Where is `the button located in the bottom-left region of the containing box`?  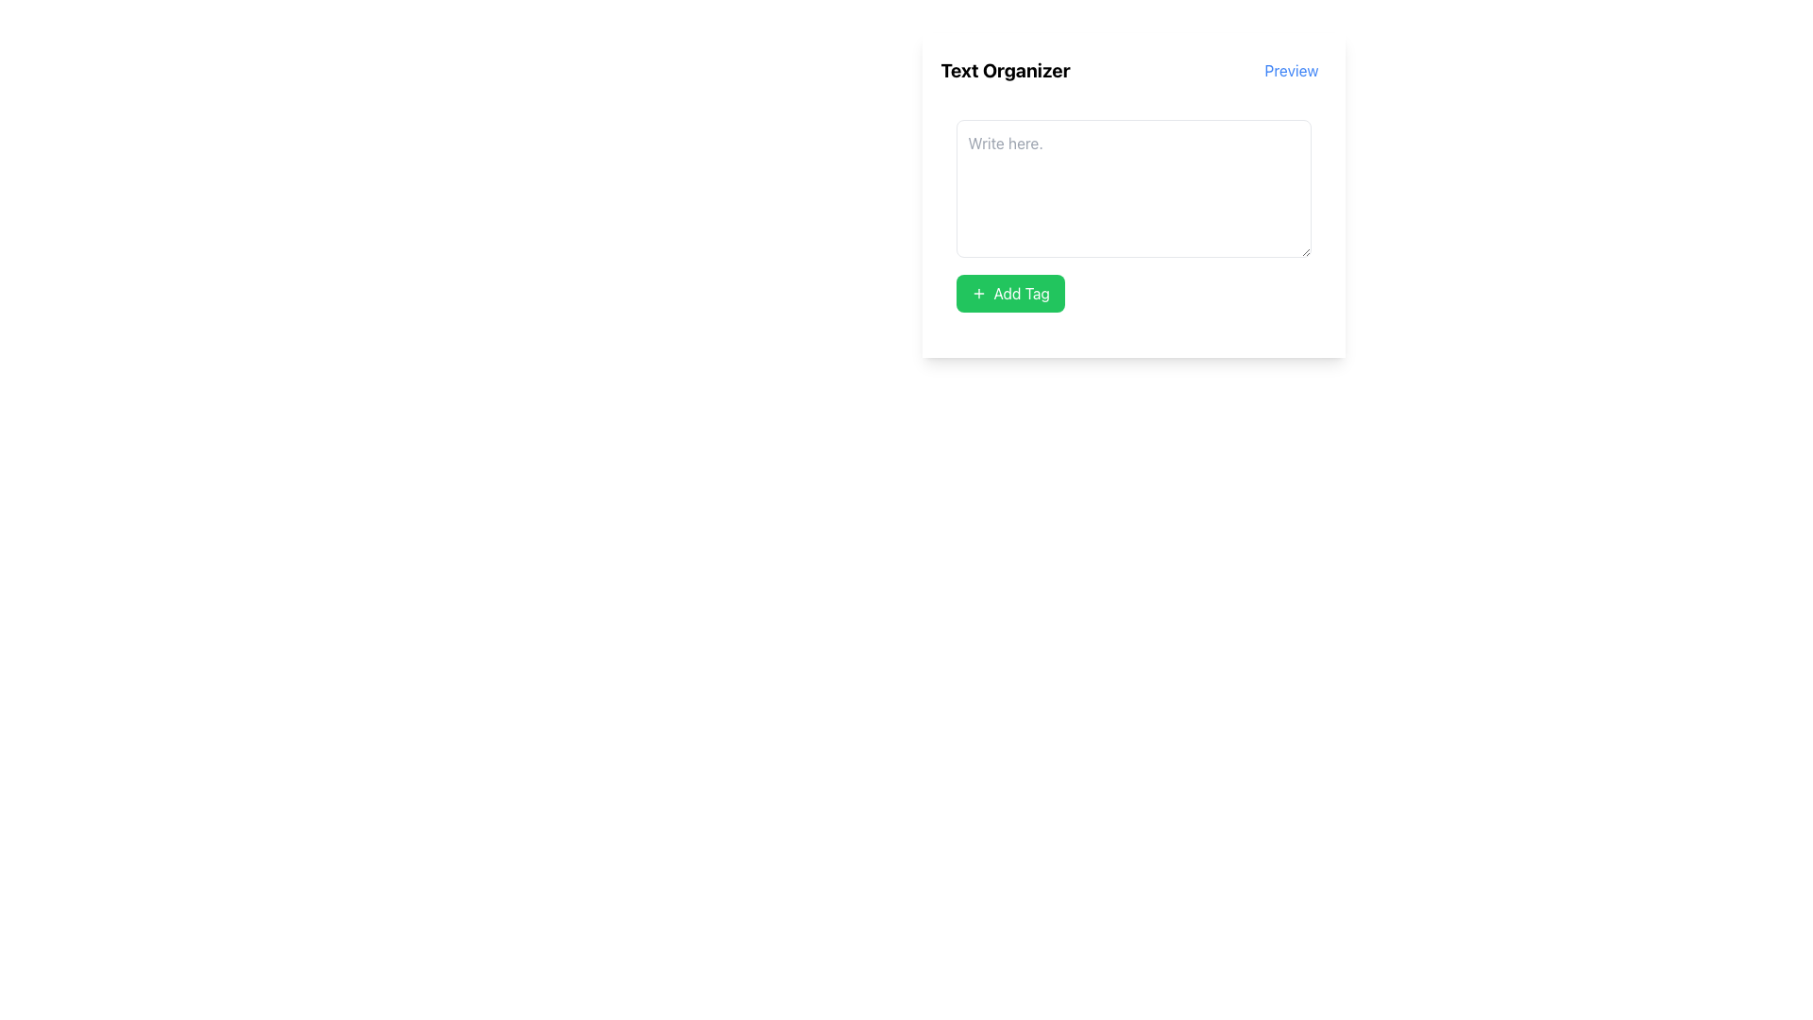
the button located in the bottom-left region of the containing box is located at coordinates (1009, 294).